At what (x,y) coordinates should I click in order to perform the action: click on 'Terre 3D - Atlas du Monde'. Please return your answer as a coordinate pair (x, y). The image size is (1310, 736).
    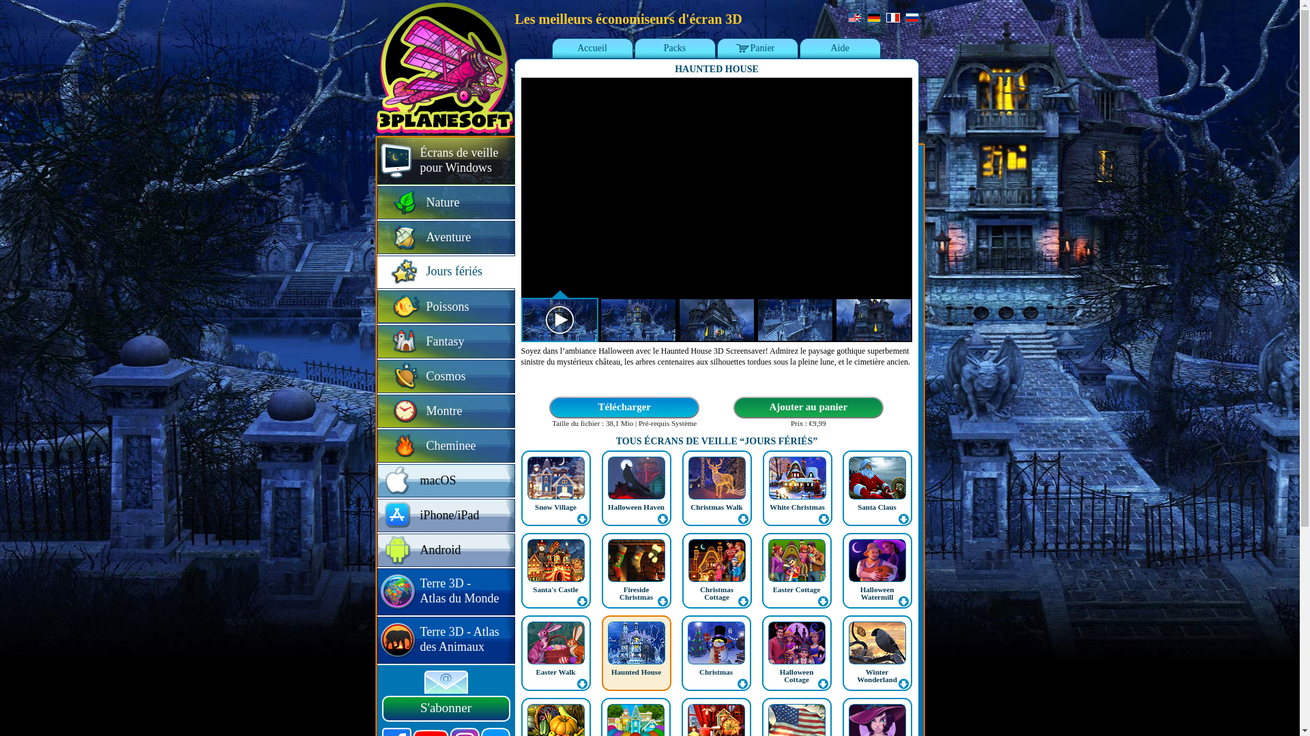
    Looking at the image, I should click on (445, 592).